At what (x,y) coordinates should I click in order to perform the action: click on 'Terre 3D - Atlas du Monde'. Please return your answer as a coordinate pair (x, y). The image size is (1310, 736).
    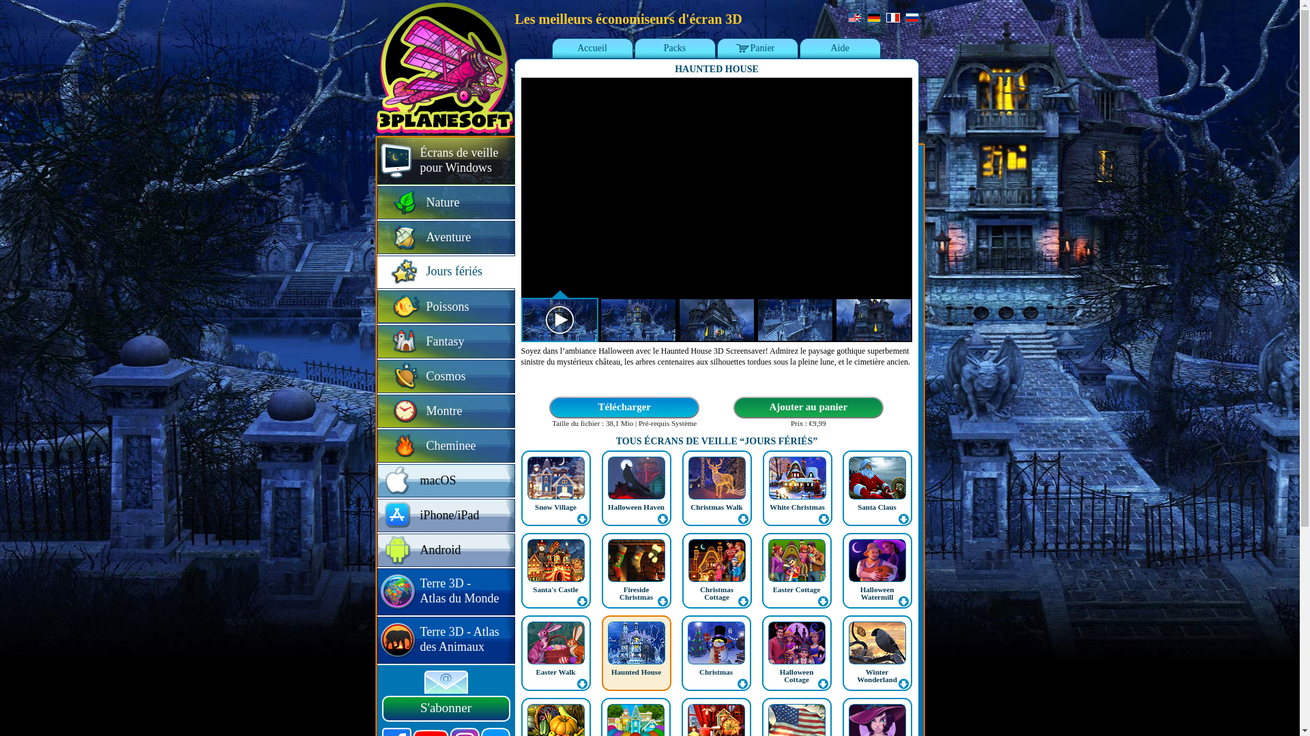
    Looking at the image, I should click on (445, 592).